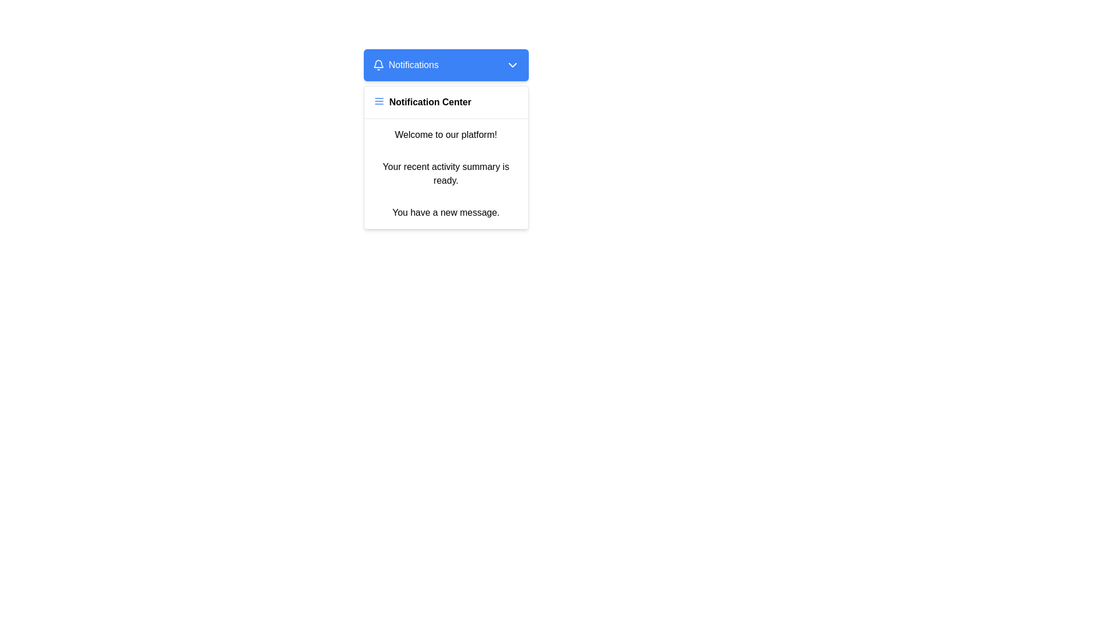 This screenshot has width=1100, height=618. What do you see at coordinates (445, 102) in the screenshot?
I see `the 'Notification Center' label which is bold and adjacent to a blue three-line menu icon, located below the 'Notifications' header` at bounding box center [445, 102].